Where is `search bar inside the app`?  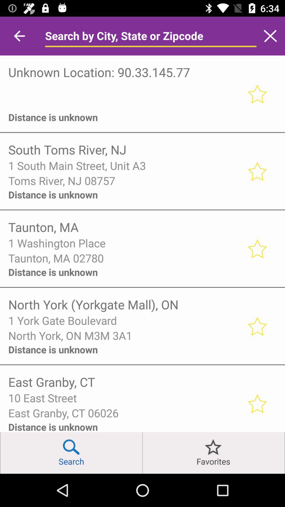
search bar inside the app is located at coordinates (151, 36).